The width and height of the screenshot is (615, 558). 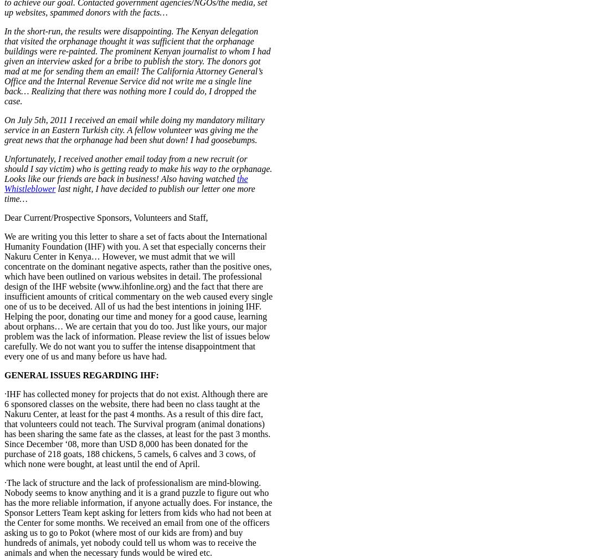 What do you see at coordinates (137, 428) in the screenshot?
I see `'·IHF has collected money for projects that do not exist. Although there are 6 sponsored classes on the website, there had been no class taught at the Nakuru Center, at least for the past 4 months. As a result of this dire fact, that volunteers could not teach. The Survival program (animal donations) has been sharing the same fate as the classes, at least for the past 3 months. Since December ‘08, more than USD 8,000 has been donated for the purchase of 218 goats, 188 chickens, 5 camels, 6 calves and 3 cows, of which none were bought, at least until the end of April.'` at bounding box center [137, 428].